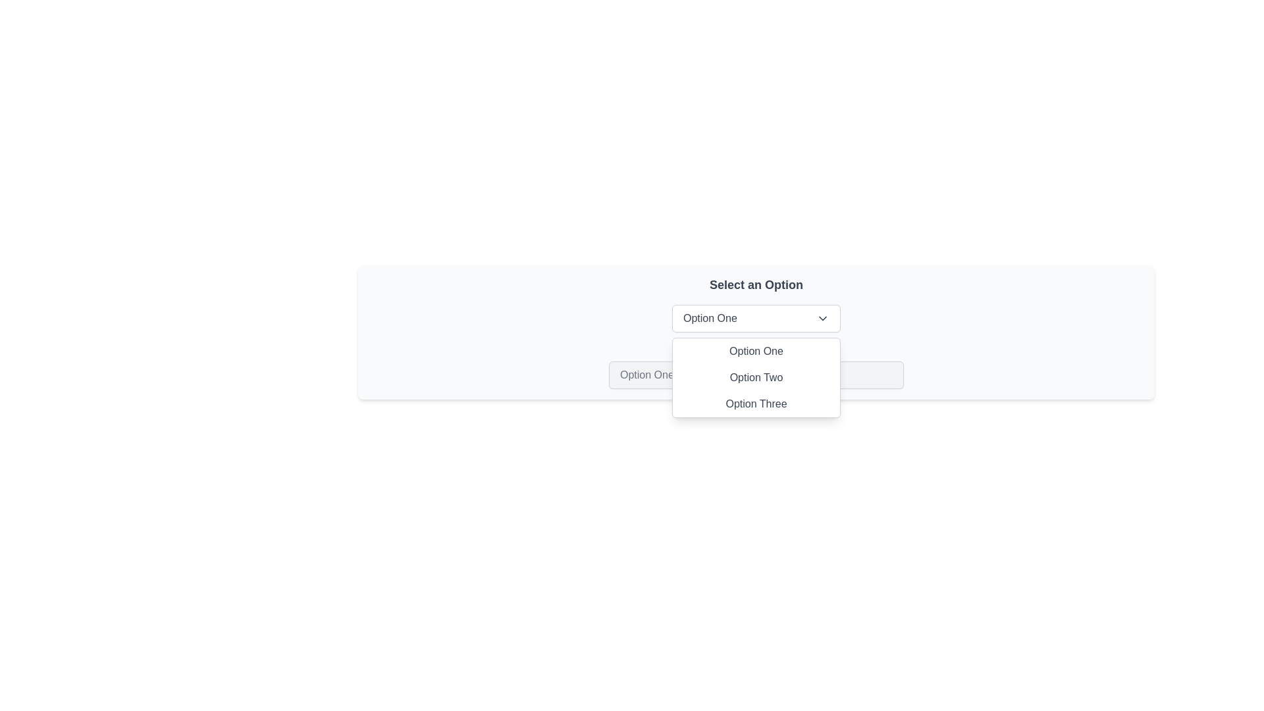  What do you see at coordinates (756, 378) in the screenshot?
I see `the text label 'Option Two' in the dropdown menu` at bounding box center [756, 378].